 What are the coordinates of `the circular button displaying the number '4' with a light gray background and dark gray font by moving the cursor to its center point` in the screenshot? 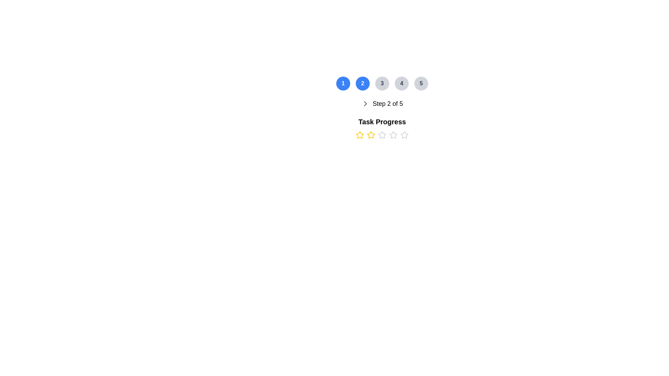 It's located at (401, 83).